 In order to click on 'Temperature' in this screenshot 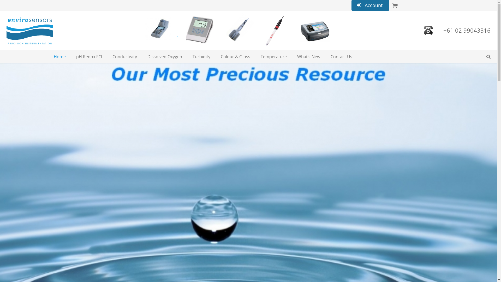, I will do `click(273, 56)`.